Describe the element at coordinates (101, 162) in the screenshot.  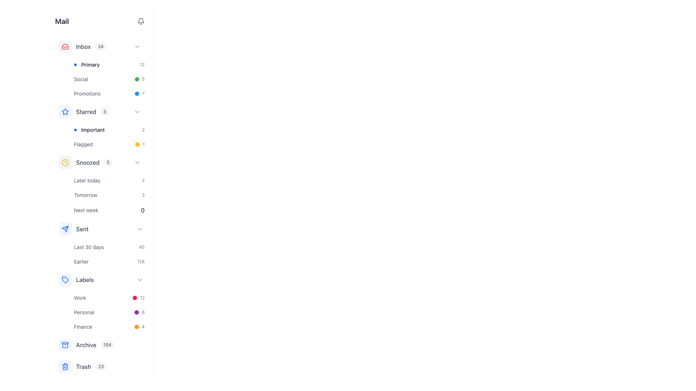
I see `the 'Snoozed' button in the sidebar menu, which features a clock icon on the left, followed by the text 'Snoozed' and a count indicator '5', and a downward chevron icon on the right` at that location.